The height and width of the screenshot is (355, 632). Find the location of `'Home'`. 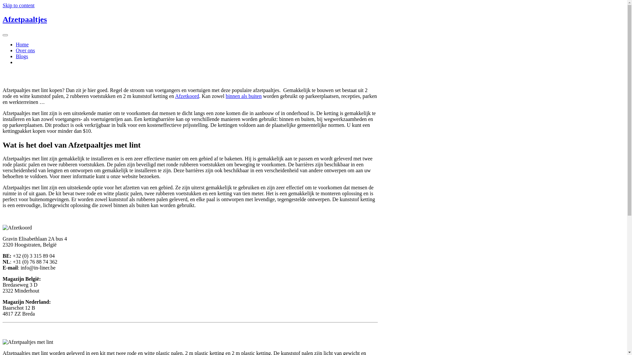

'Home' is located at coordinates (22, 44).